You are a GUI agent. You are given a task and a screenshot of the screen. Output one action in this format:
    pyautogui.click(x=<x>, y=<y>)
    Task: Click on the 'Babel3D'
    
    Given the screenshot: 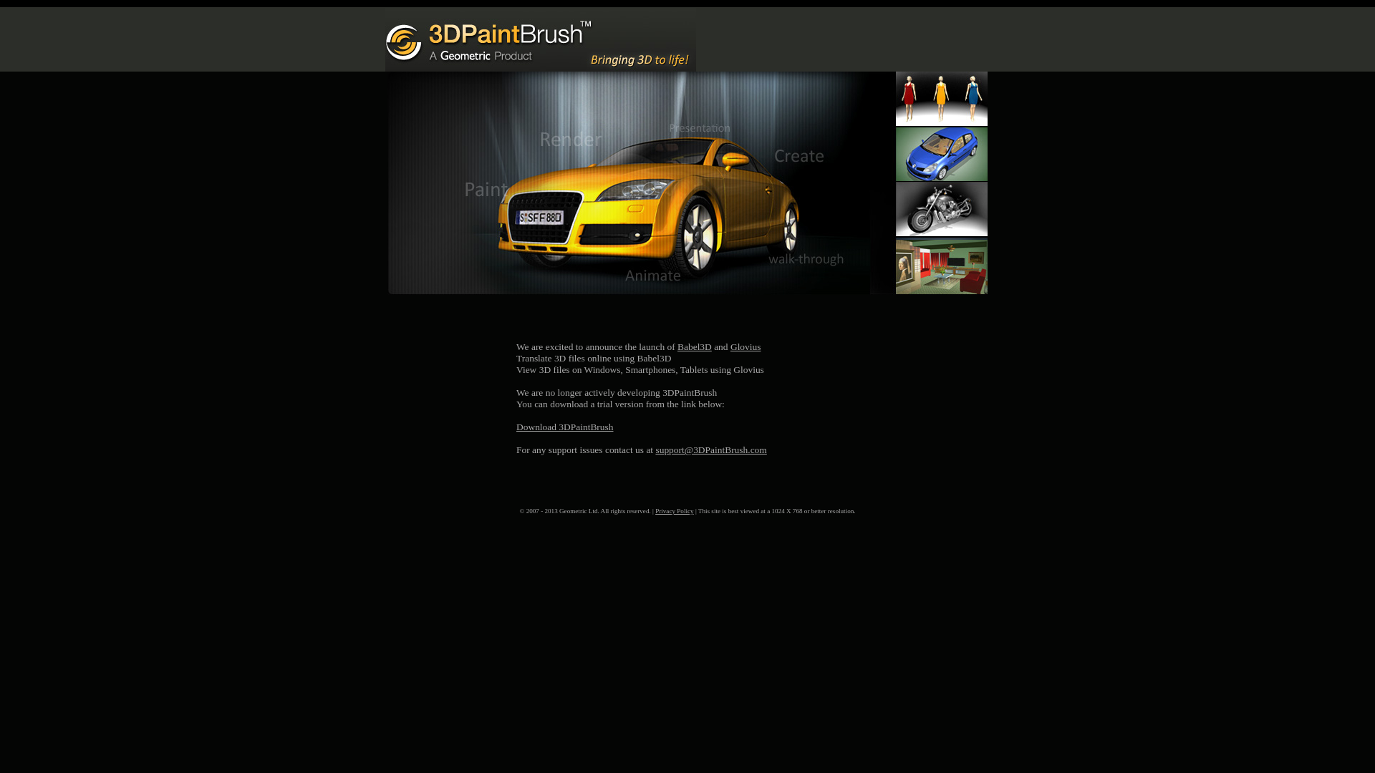 What is the action you would take?
    pyautogui.click(x=694, y=346)
    